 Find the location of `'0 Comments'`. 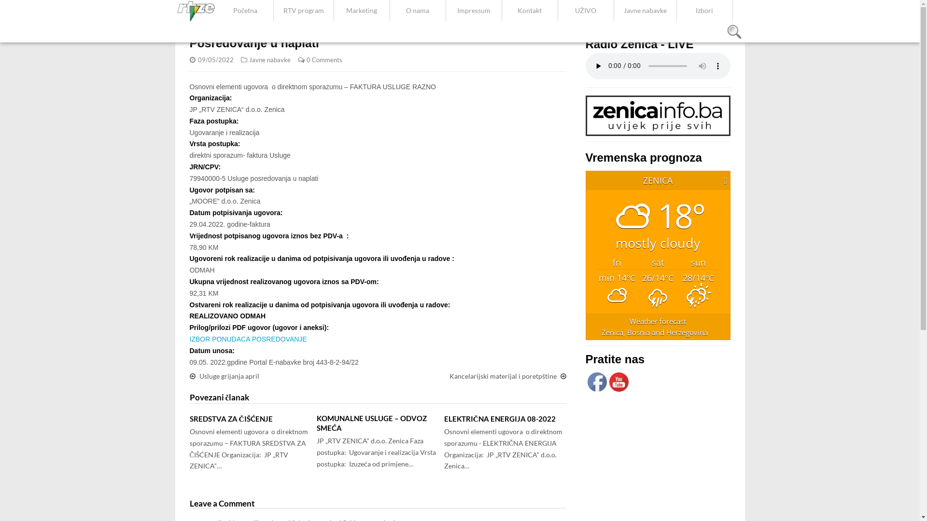

'0 Comments' is located at coordinates (324, 59).